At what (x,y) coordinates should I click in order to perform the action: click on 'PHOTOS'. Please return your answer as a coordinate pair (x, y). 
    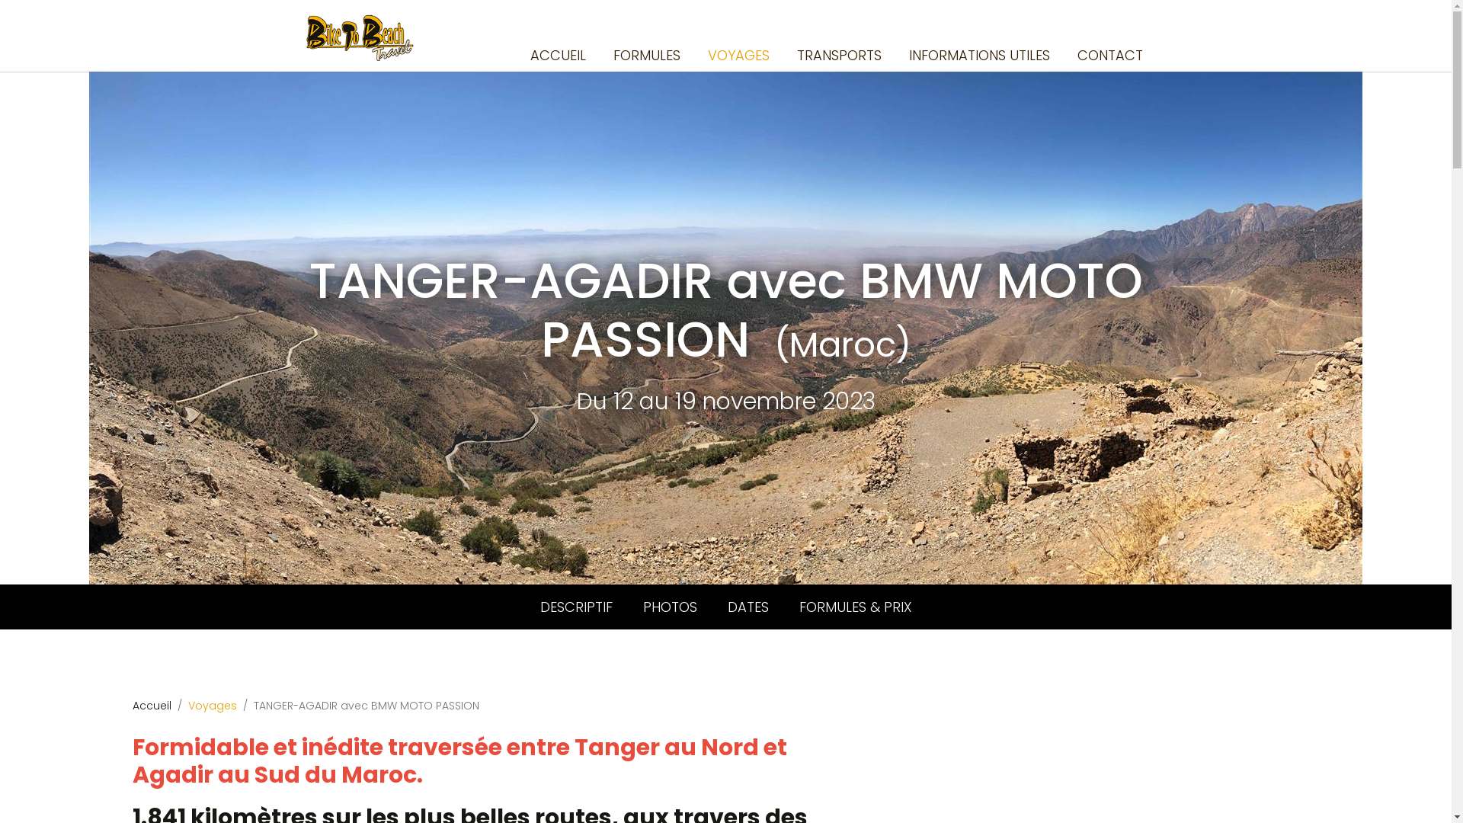
    Looking at the image, I should click on (670, 606).